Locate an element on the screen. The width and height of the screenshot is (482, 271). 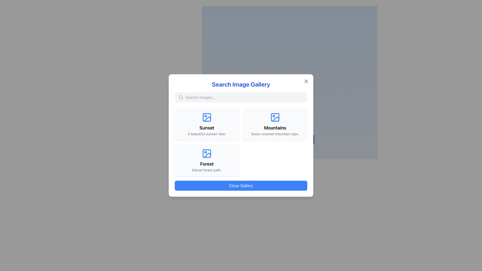
the search icon located to the left of the input field with the placeholder 'Search images...' in the modal dialog titled 'Search Image Gallery' is located at coordinates (181, 97).